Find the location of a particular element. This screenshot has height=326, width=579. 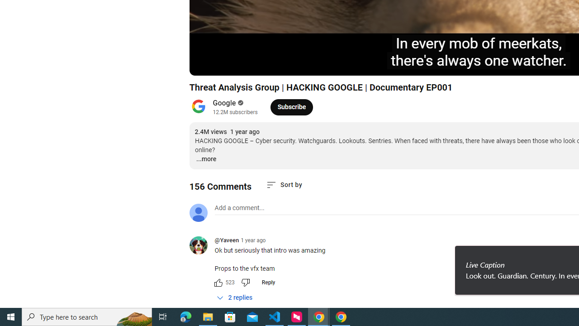

'Default profile photo' is located at coordinates (198, 213).